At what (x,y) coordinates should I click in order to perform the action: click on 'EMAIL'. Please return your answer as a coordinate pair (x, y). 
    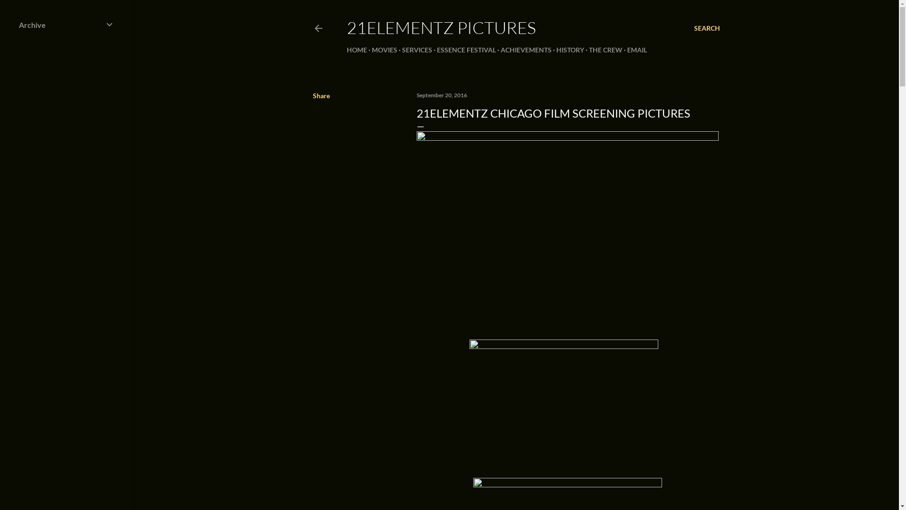
    Looking at the image, I should click on (637, 50).